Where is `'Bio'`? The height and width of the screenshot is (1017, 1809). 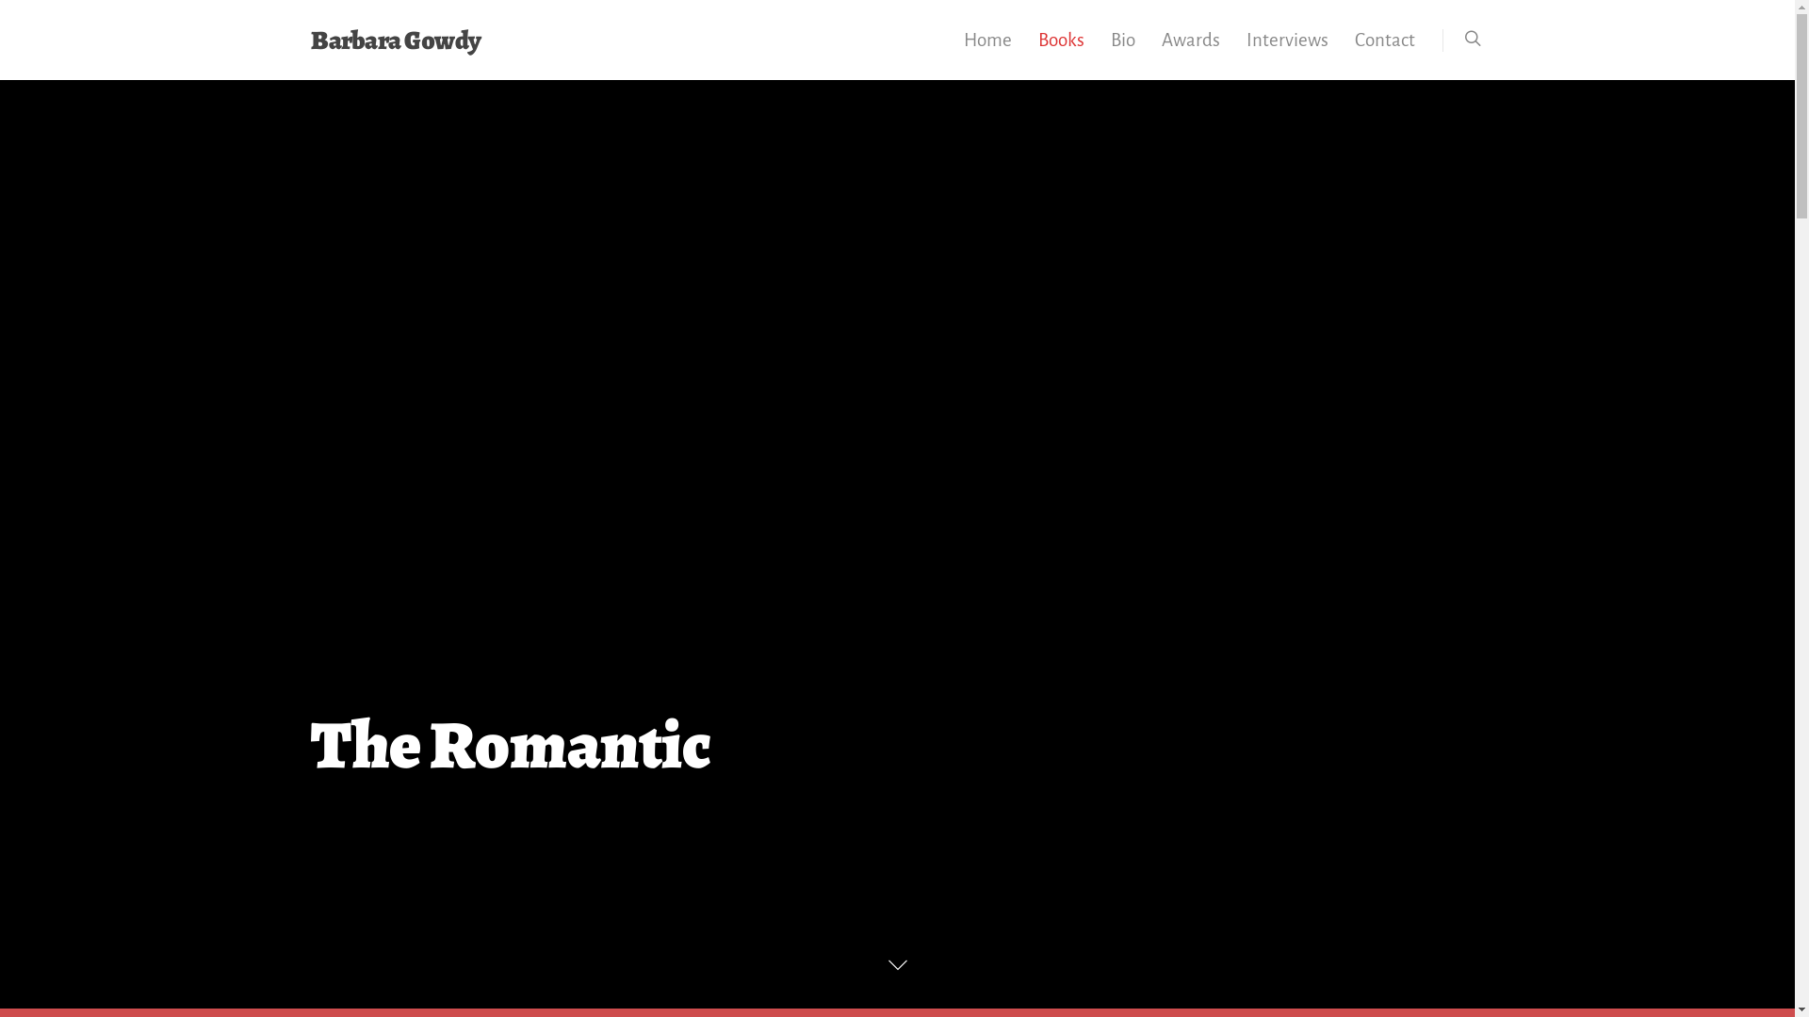
'Bio' is located at coordinates (1122, 52).